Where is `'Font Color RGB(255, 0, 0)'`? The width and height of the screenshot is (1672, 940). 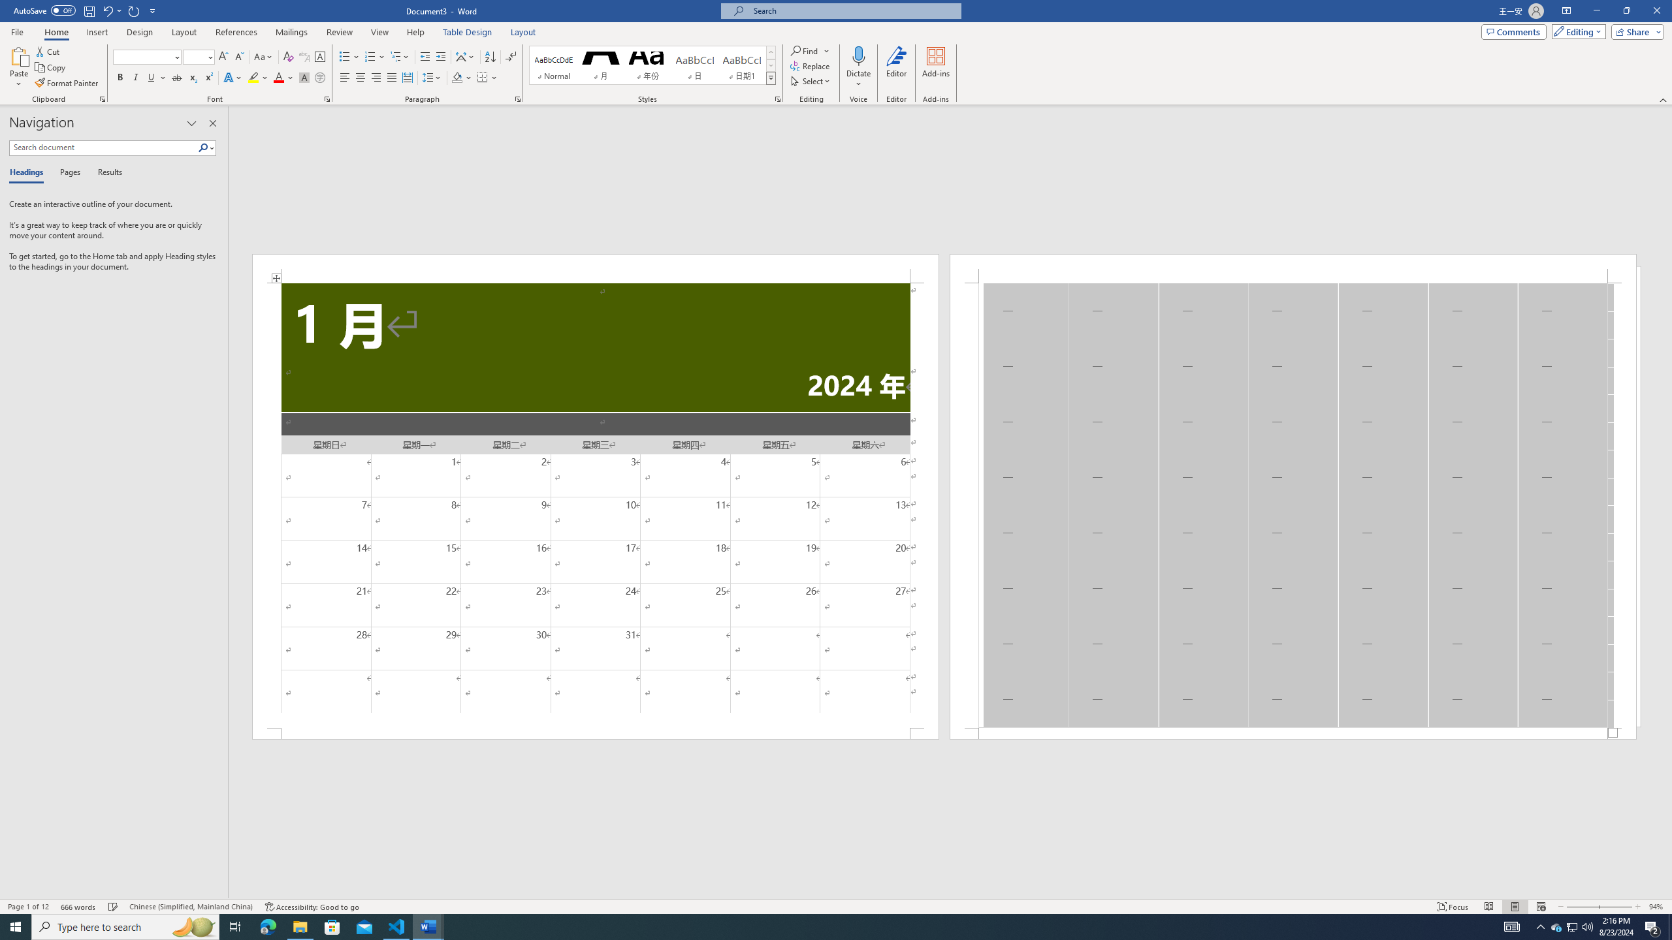 'Font Color RGB(255, 0, 0)' is located at coordinates (278, 77).